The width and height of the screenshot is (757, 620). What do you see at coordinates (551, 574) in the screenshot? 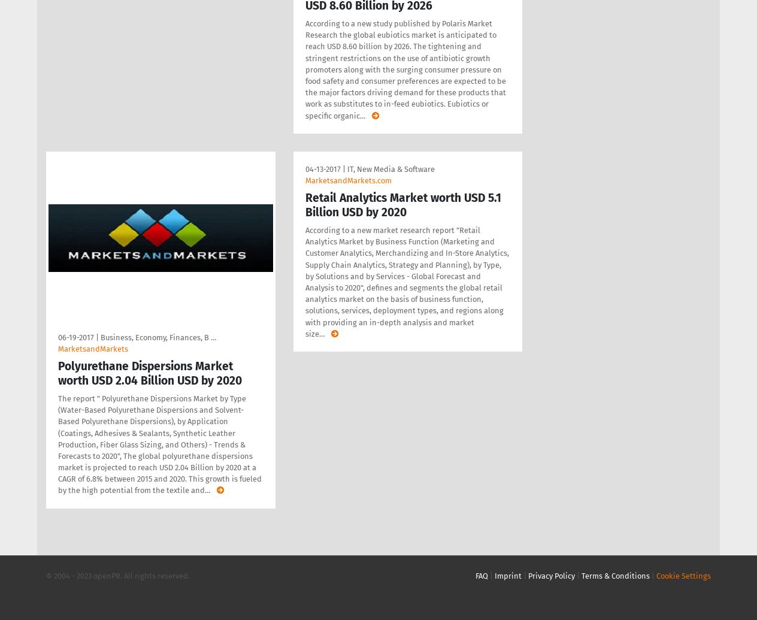
I see `'Privacy Policy'` at bounding box center [551, 574].